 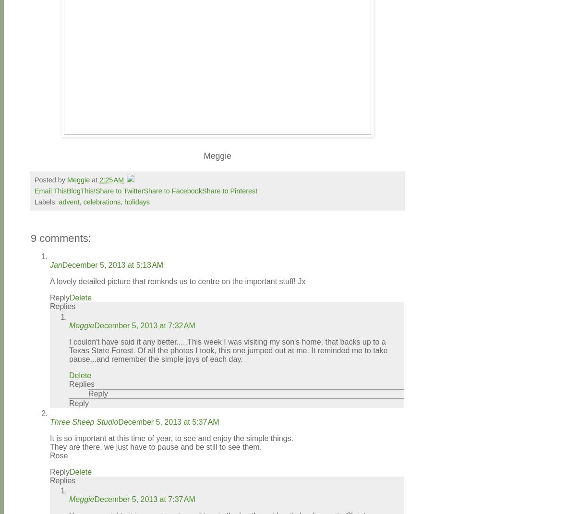 I want to click on '2:25 AM', so click(x=111, y=179).